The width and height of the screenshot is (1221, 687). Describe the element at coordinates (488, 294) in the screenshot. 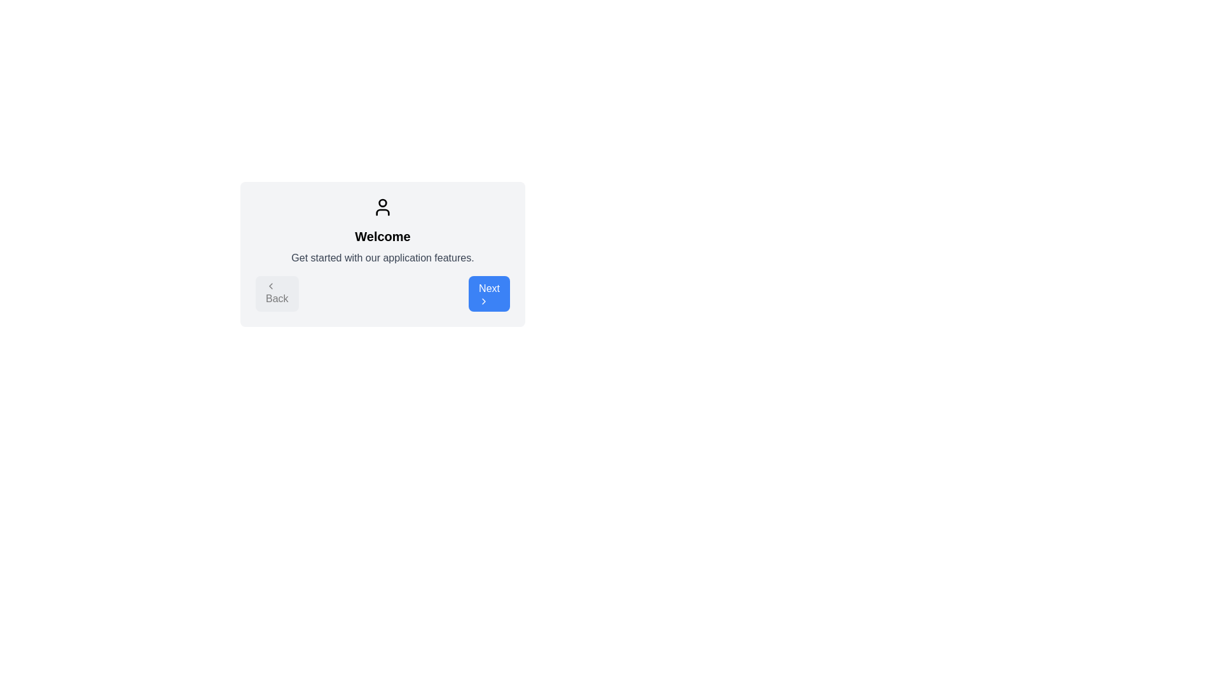

I see `the prominently styled blue button labeled 'Next' with a right-pointing chevron icon` at that location.